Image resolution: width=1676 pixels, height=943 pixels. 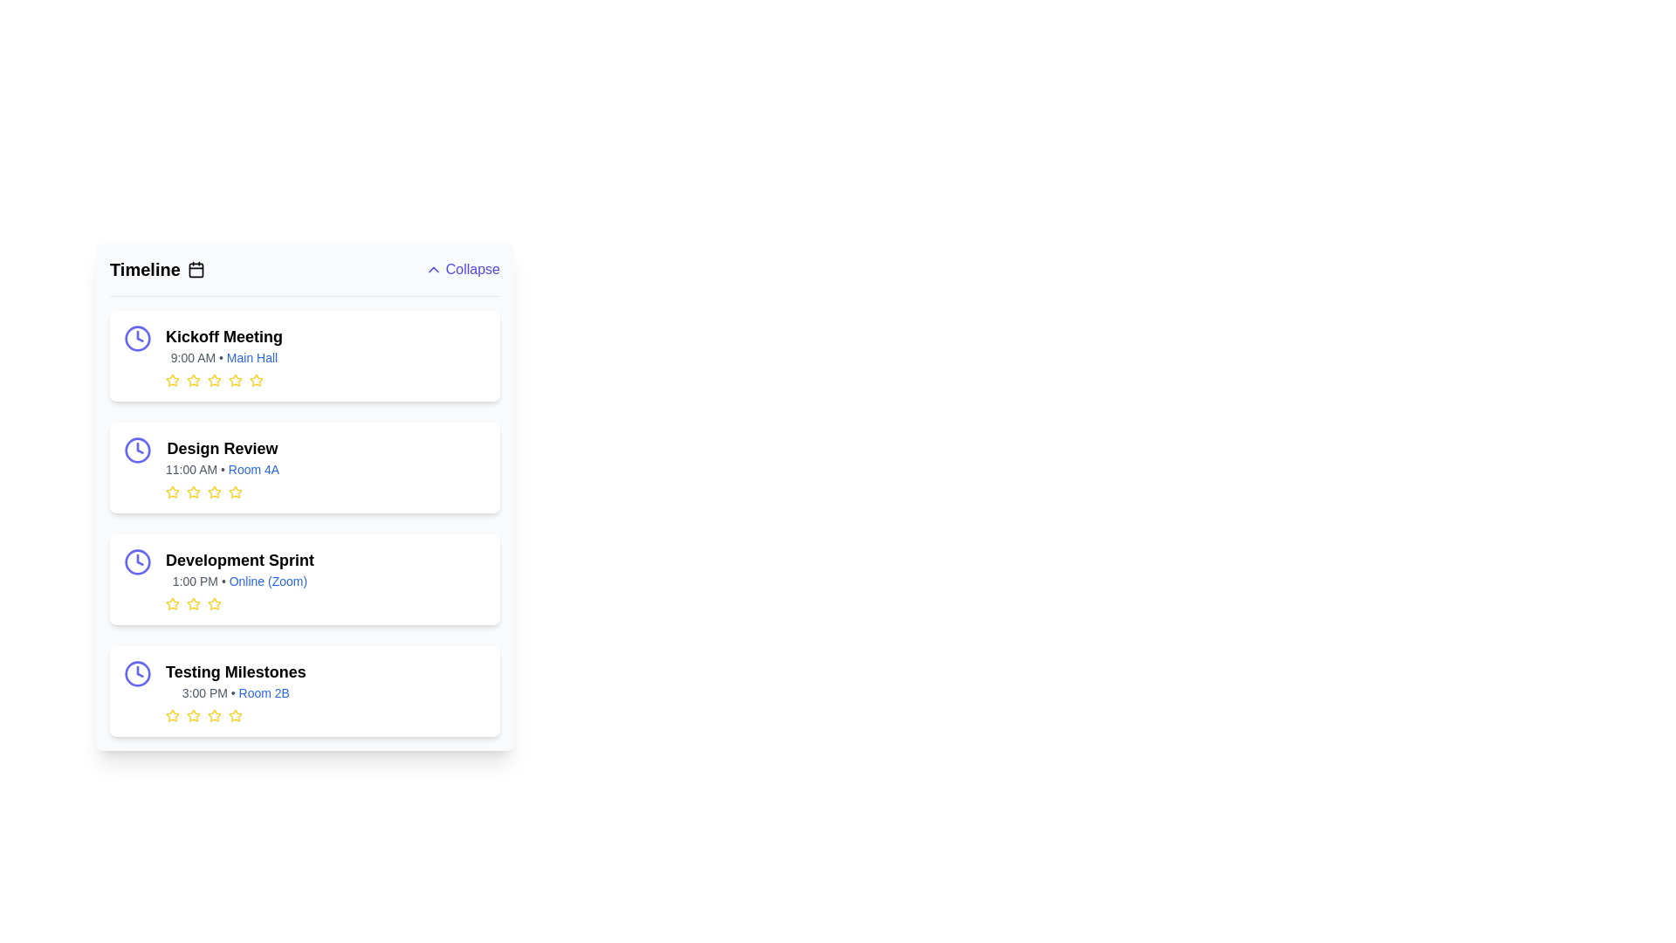 What do you see at coordinates (238, 582) in the screenshot?
I see `schedule details text label located below the 'Development Sprint' title and above the star rating icons in the timeline interface` at bounding box center [238, 582].